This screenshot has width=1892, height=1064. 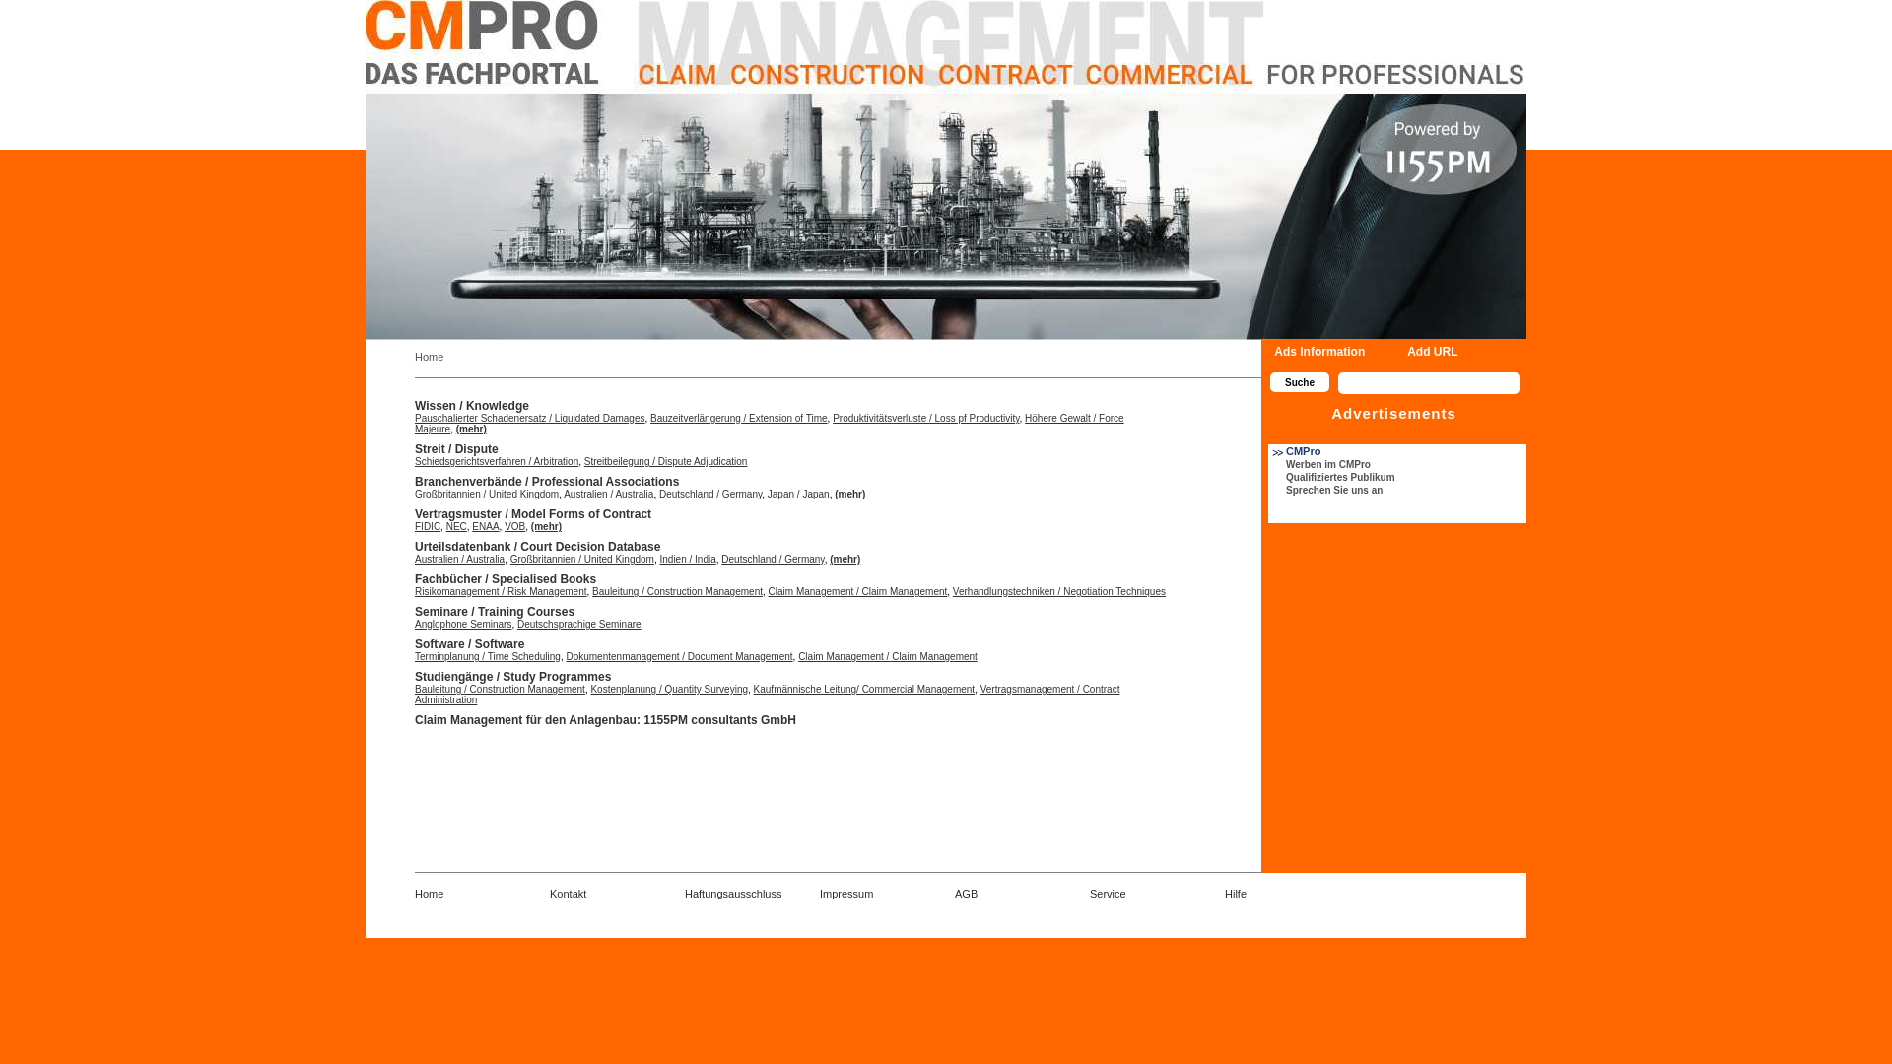 I want to click on 'Deutschland / Germany', so click(x=719, y=559).